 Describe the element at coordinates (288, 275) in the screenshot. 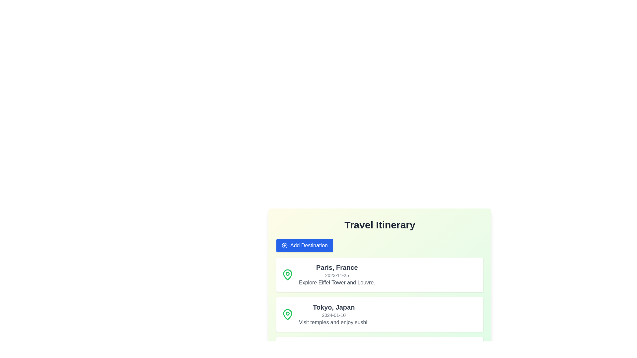

I see `the map pin icon for Paris, France` at that location.